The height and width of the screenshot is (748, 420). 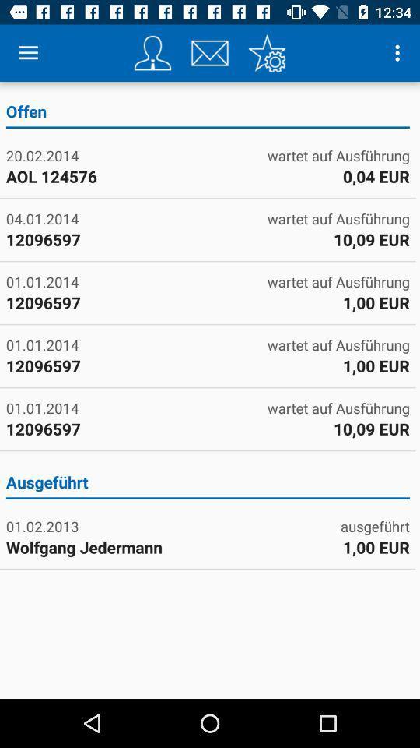 What do you see at coordinates (266, 53) in the screenshot?
I see `settings for app` at bounding box center [266, 53].